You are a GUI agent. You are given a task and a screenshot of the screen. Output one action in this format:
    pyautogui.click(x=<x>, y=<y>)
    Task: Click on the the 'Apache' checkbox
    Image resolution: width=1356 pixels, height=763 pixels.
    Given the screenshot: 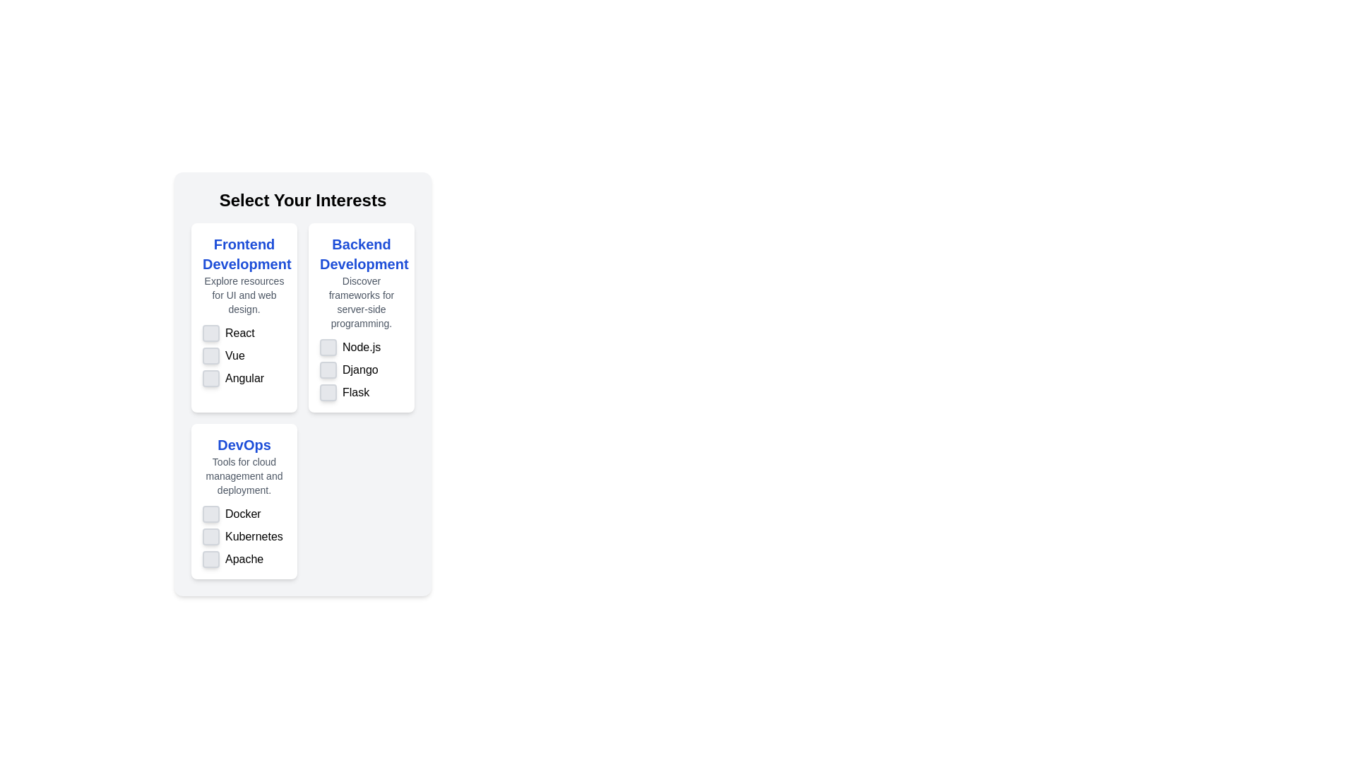 What is the action you would take?
    pyautogui.click(x=244, y=558)
    